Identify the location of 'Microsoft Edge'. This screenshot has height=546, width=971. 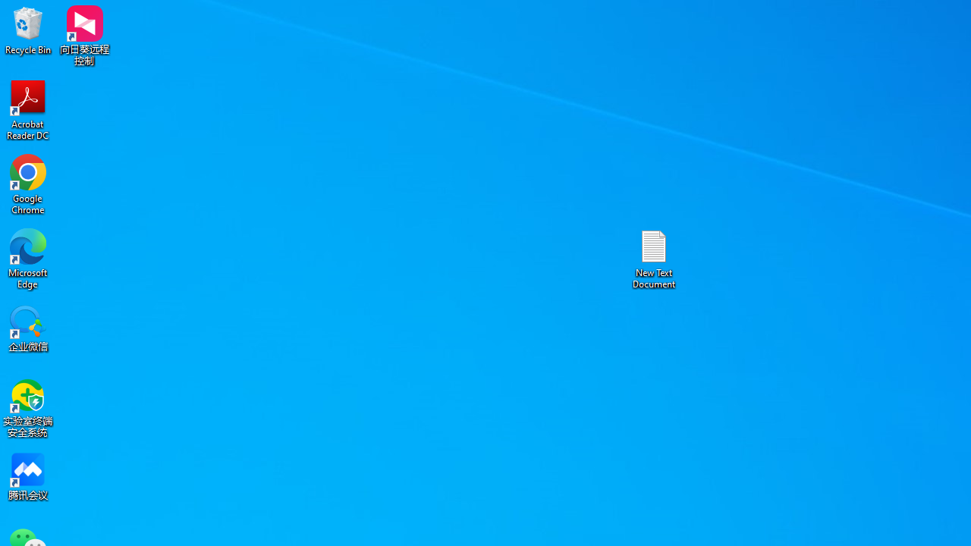
(28, 258).